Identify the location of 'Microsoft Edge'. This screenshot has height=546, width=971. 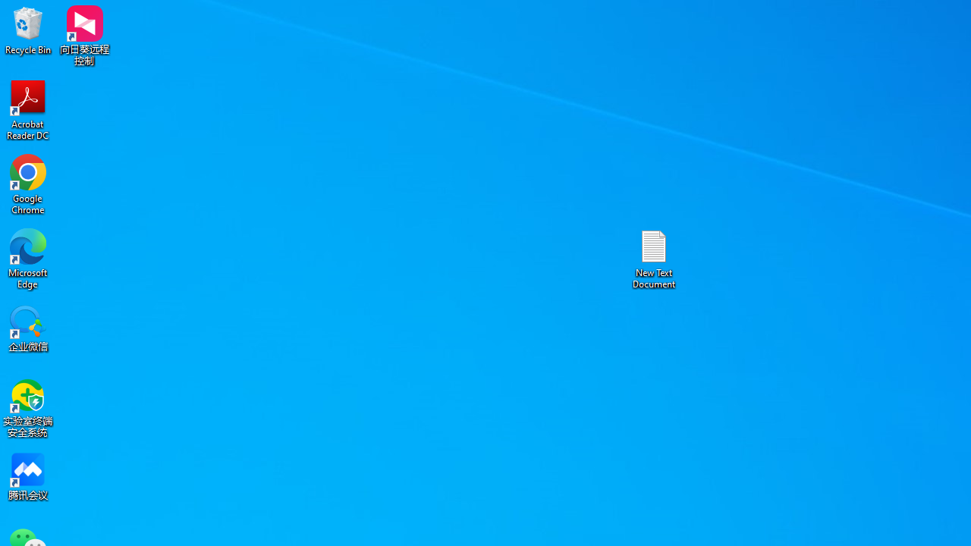
(28, 258).